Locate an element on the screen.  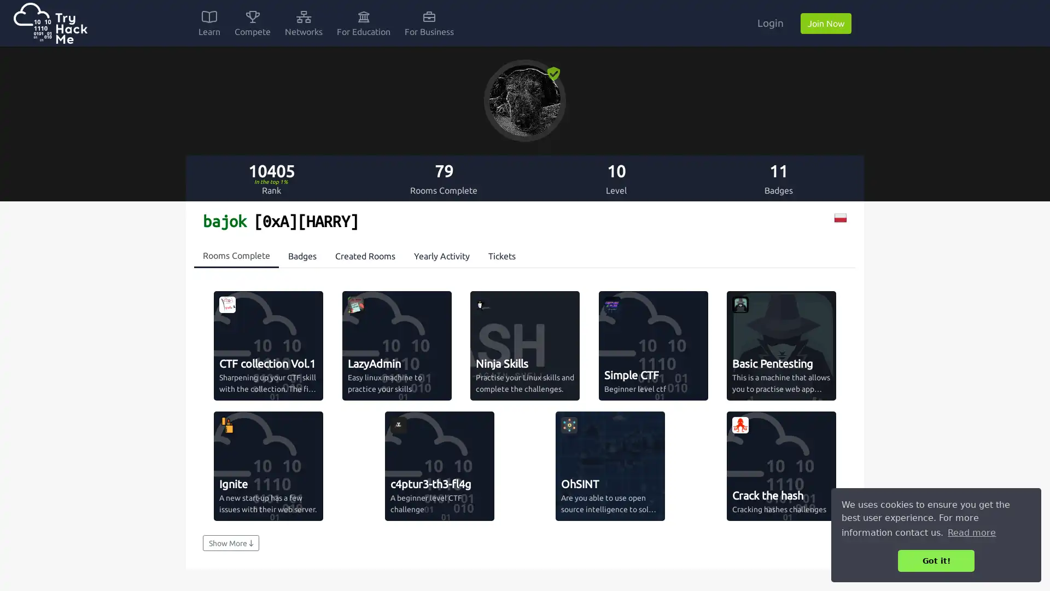
Show More is located at coordinates (230, 543).